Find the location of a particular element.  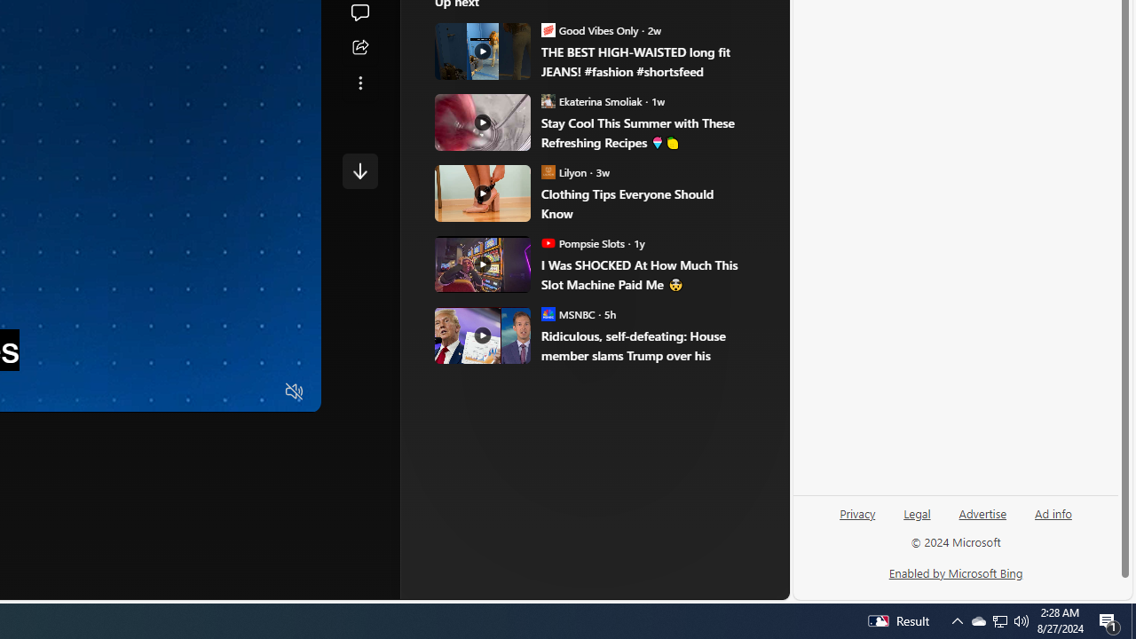

'Class: control' is located at coordinates (359, 170).